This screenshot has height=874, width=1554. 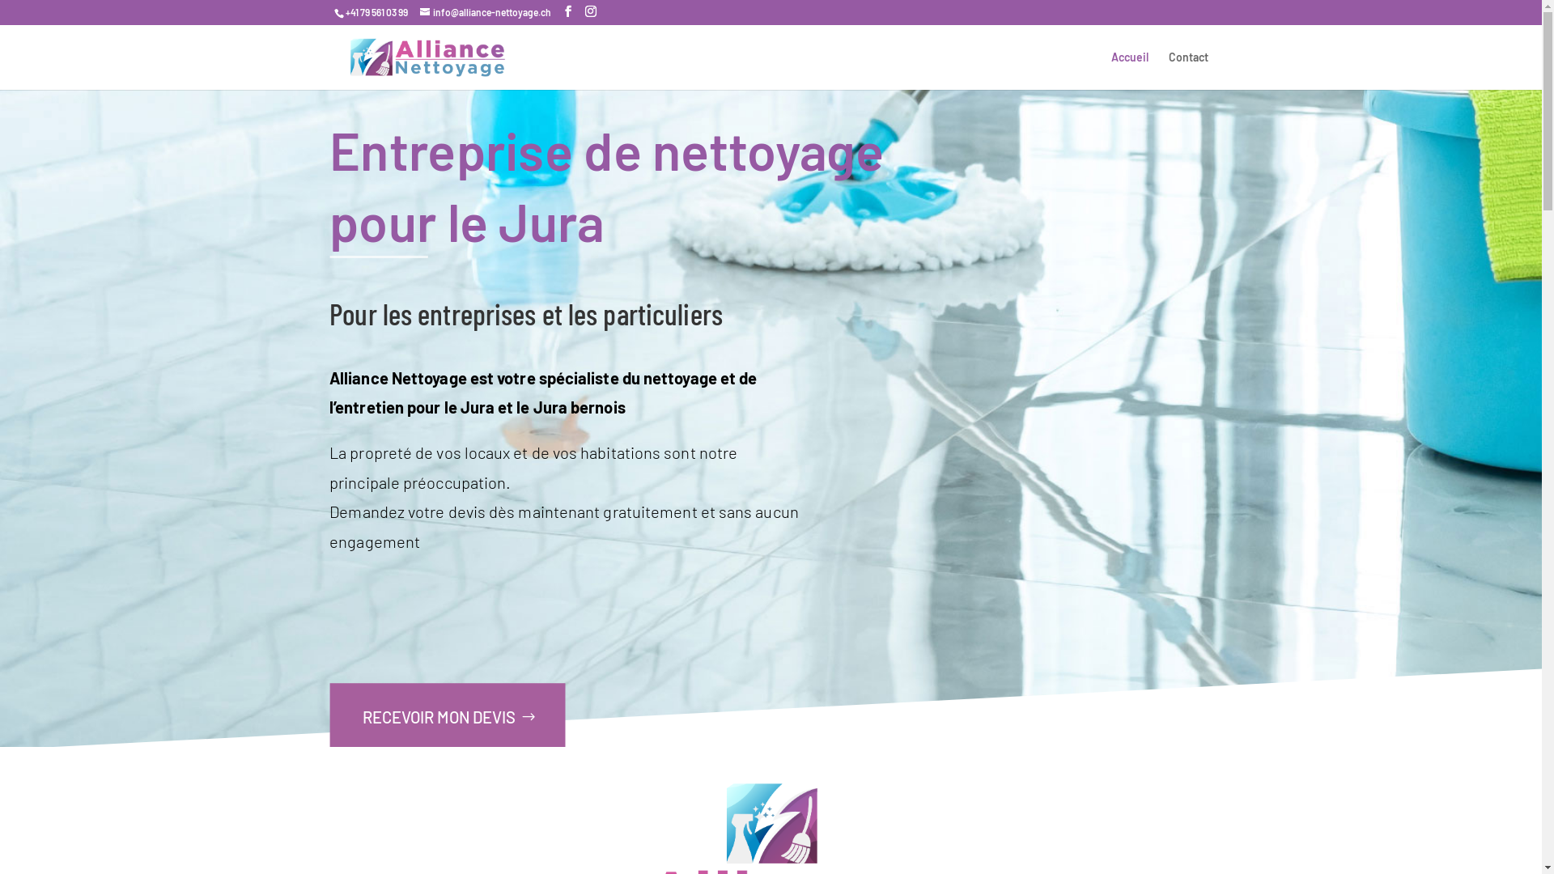 What do you see at coordinates (484, 12) in the screenshot?
I see `'info@alliance-nettoyage.ch'` at bounding box center [484, 12].